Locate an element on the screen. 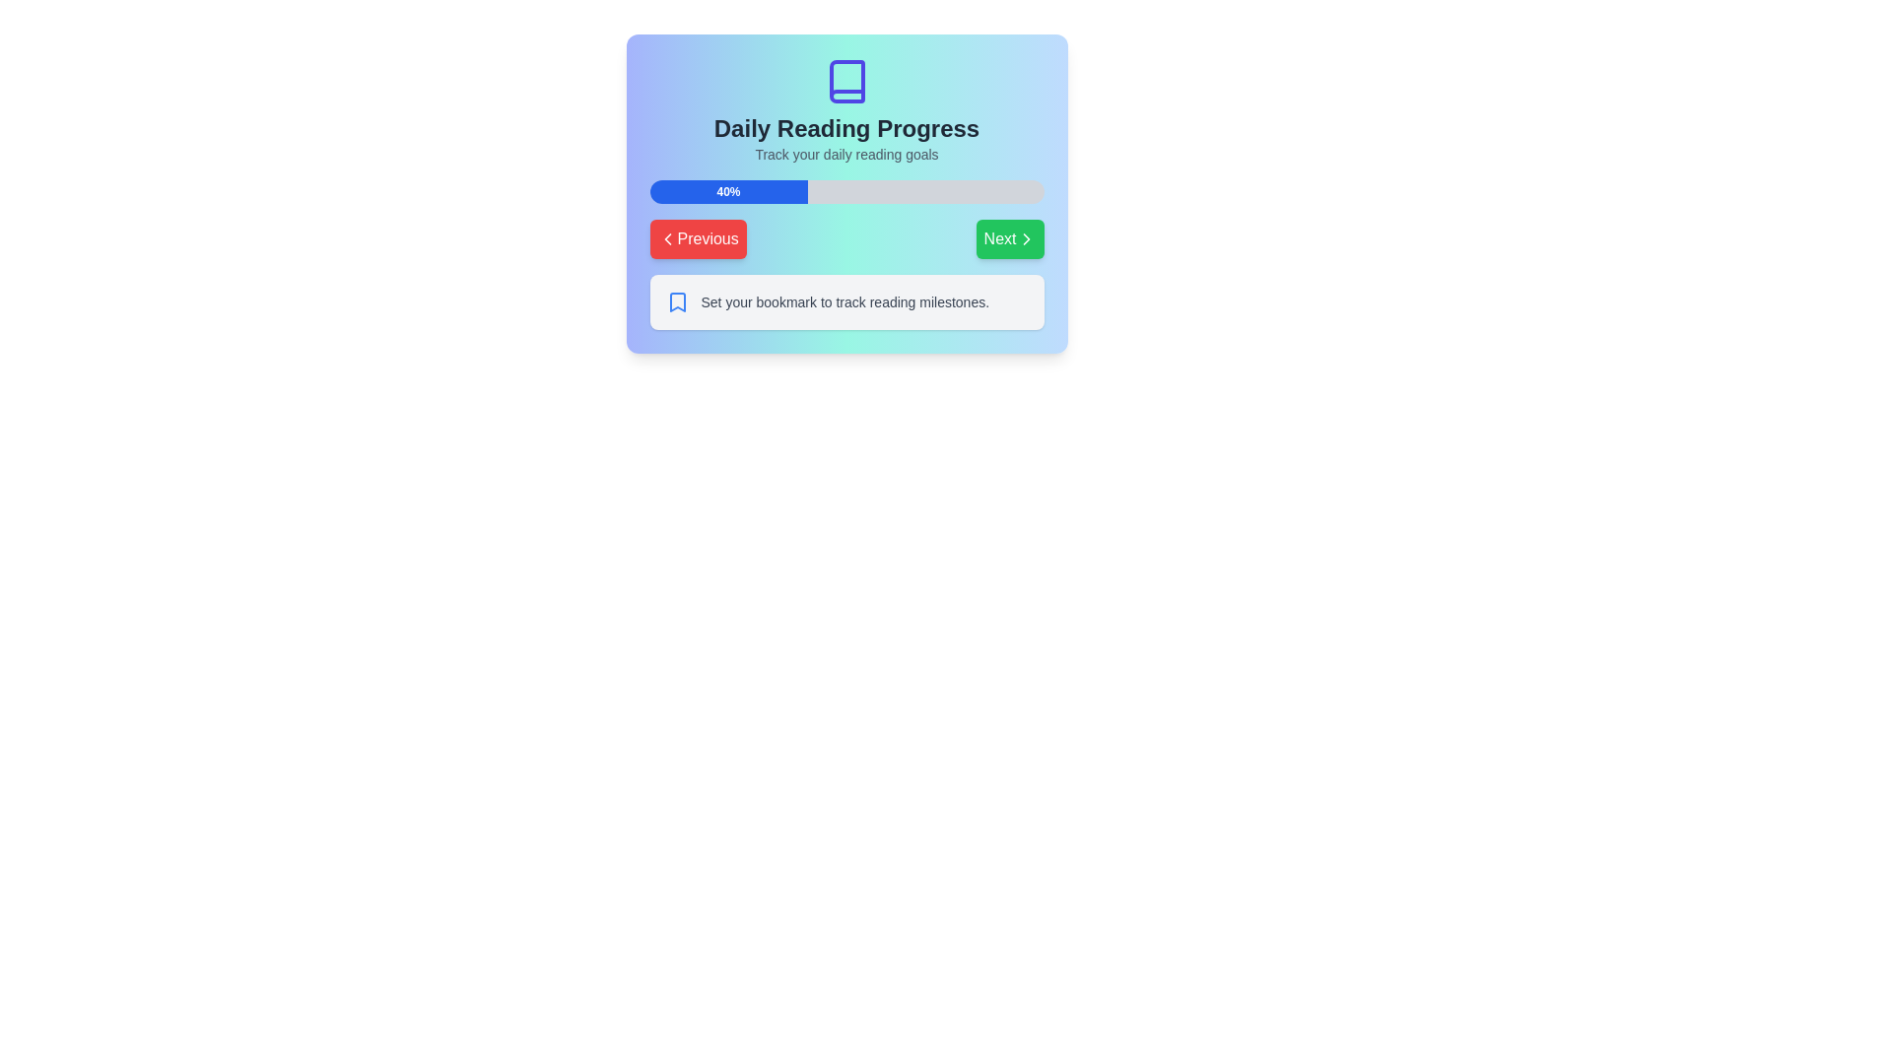 The width and height of the screenshot is (1892, 1064). the simplified blue bookmark icon located in the 'Set your bookmark to track reading milestones.' section, which is the first visual element in this area is located at coordinates (677, 302).